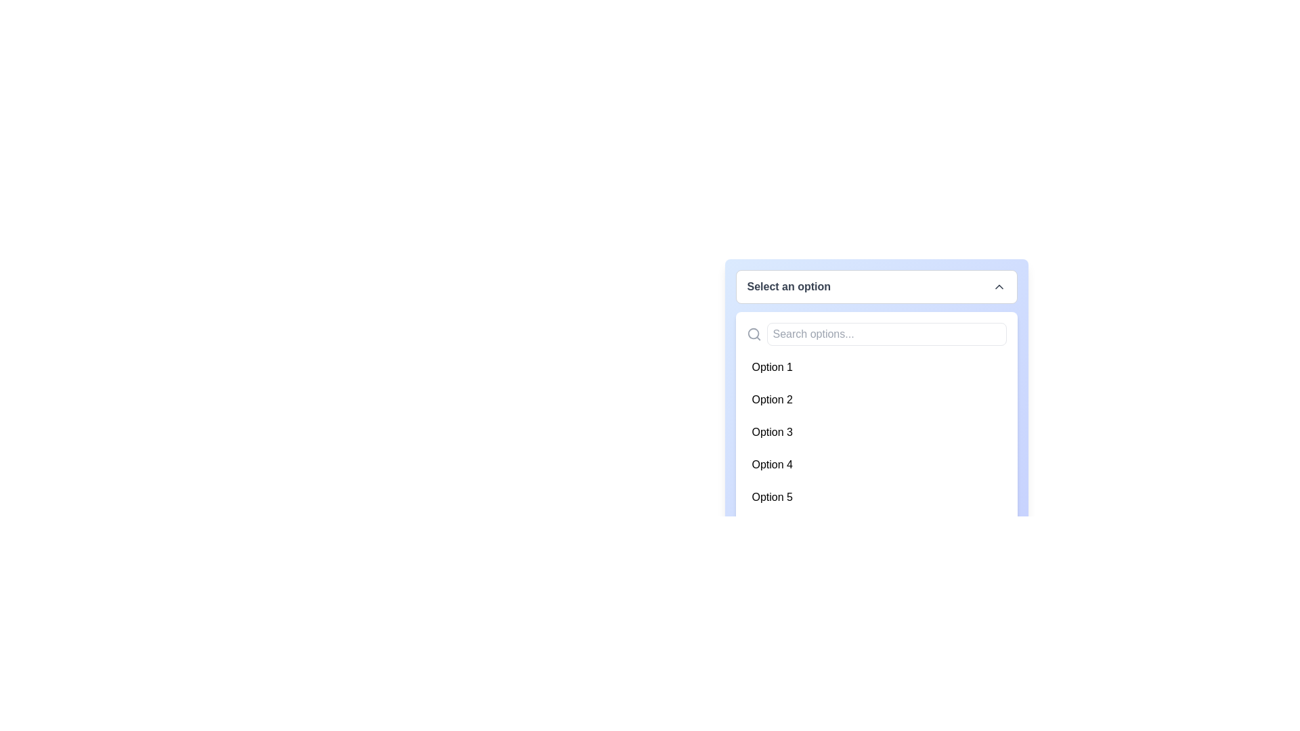  I want to click on the text label displaying 'Option 1', so click(772, 368).